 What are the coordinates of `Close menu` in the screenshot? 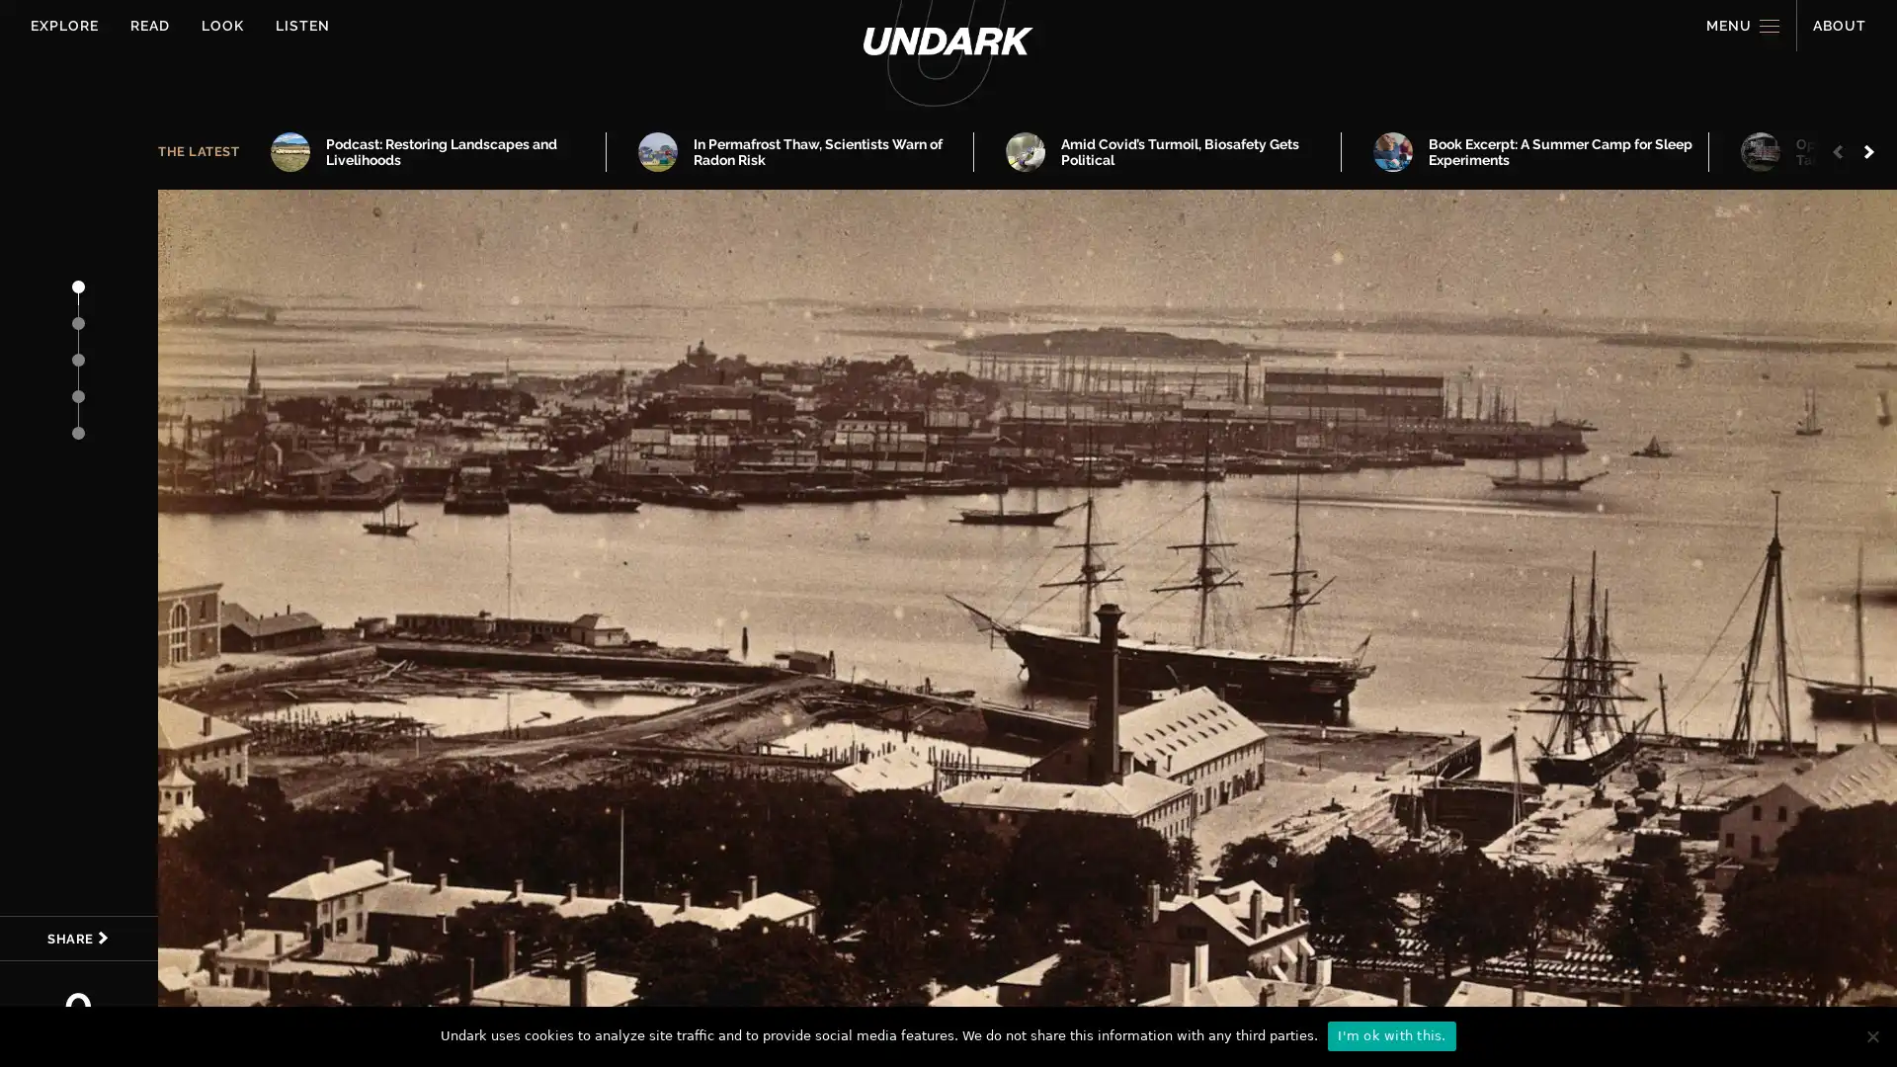 It's located at (1830, 64).